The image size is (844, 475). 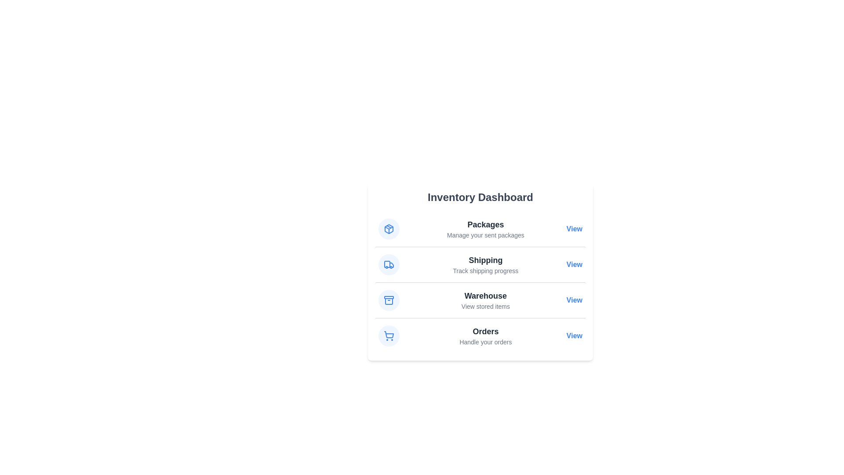 I want to click on the 'View' link for Packages, so click(x=574, y=228).